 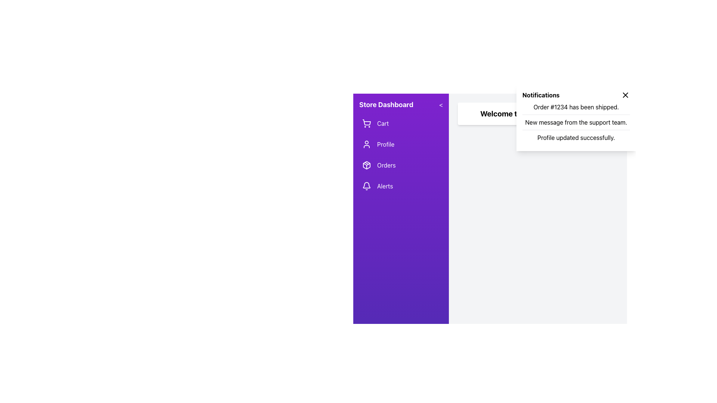 What do you see at coordinates (575, 107) in the screenshot?
I see `the Text Label that displays the notification 'Order #1234 has been shipped.'` at bounding box center [575, 107].